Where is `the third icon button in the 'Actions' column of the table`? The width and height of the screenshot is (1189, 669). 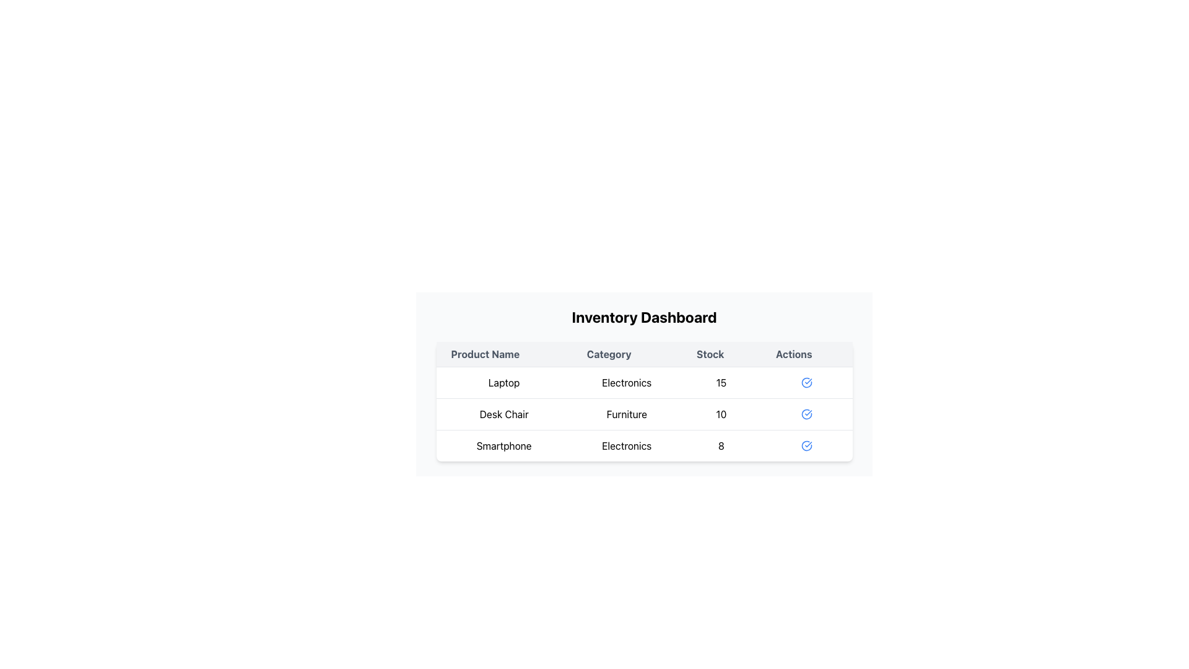 the third icon button in the 'Actions' column of the table is located at coordinates (806, 446).